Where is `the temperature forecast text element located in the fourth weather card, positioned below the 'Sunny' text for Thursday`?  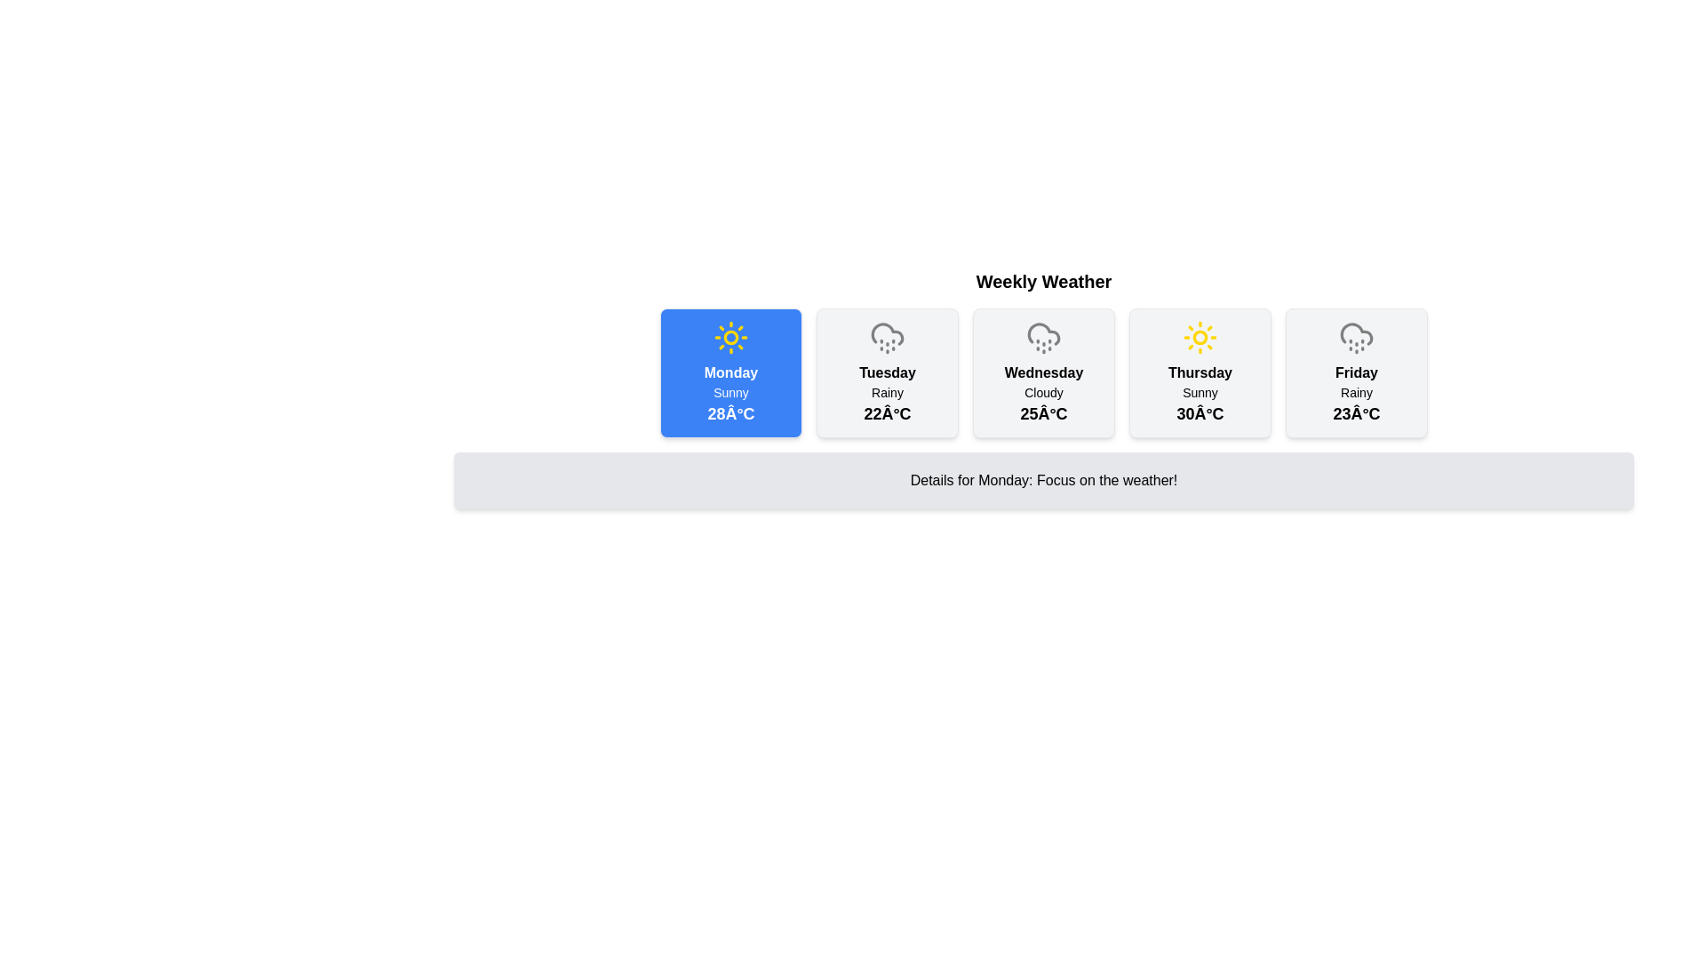
the temperature forecast text element located in the fourth weather card, positioned below the 'Sunny' text for Thursday is located at coordinates (1200, 414).